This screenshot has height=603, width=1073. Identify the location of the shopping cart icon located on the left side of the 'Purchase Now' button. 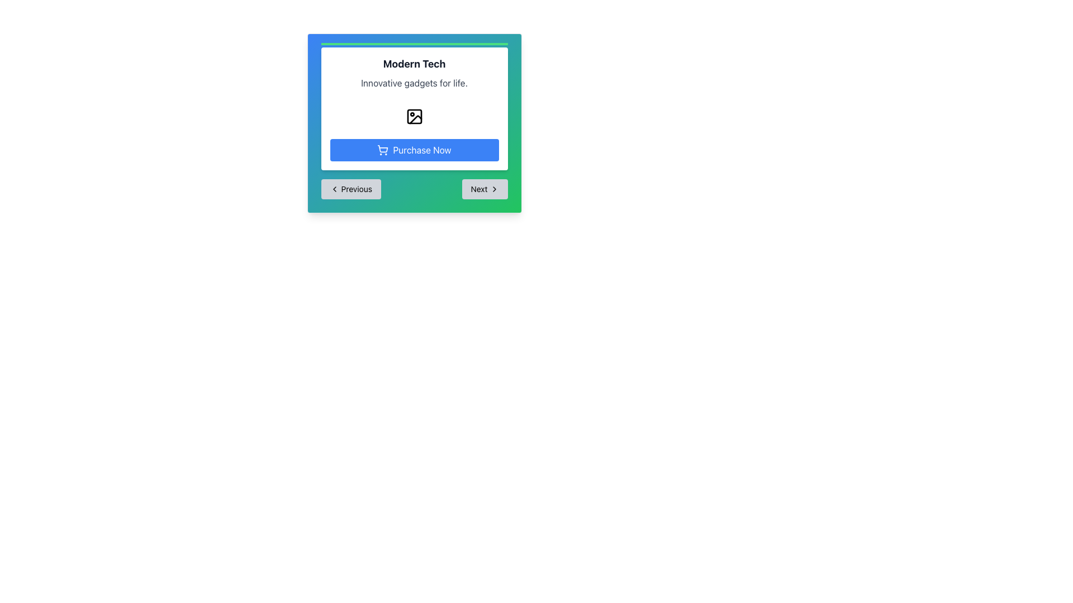
(383, 150).